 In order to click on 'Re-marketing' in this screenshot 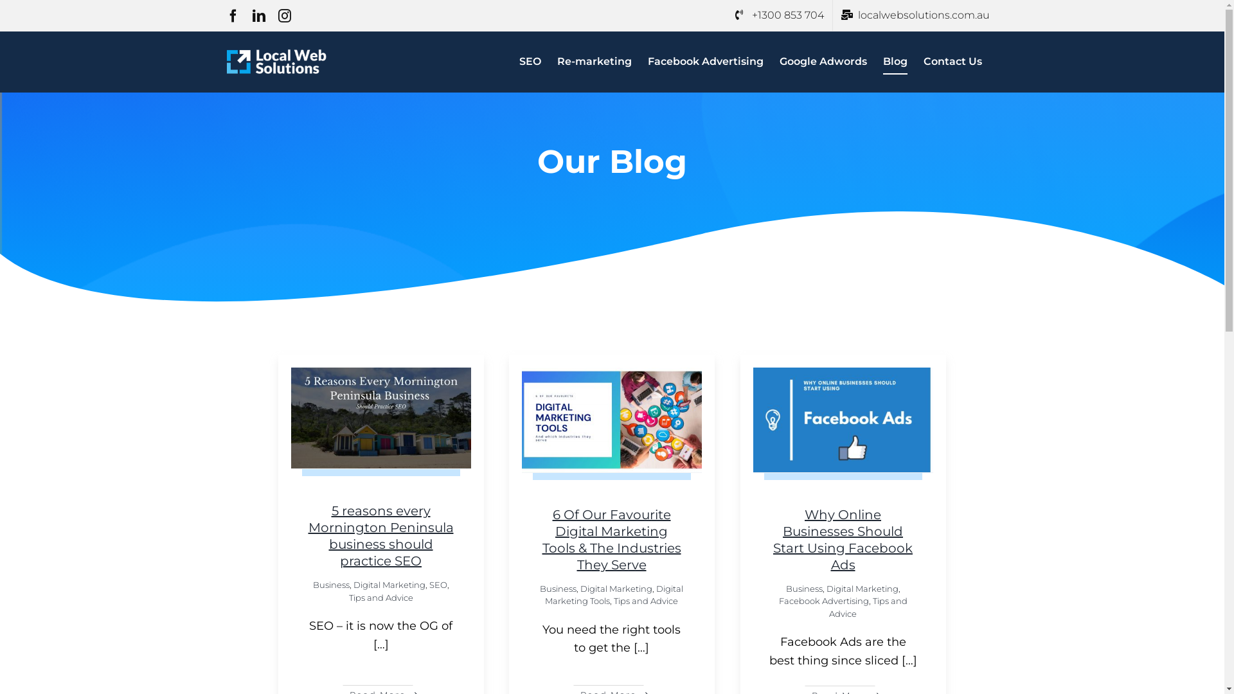, I will do `click(593, 62)`.